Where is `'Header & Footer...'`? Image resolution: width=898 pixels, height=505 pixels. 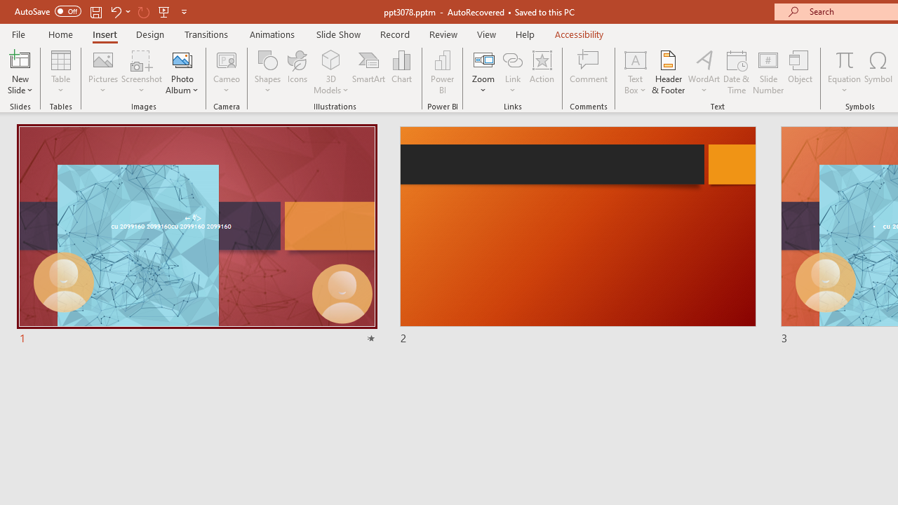
'Header & Footer...' is located at coordinates (667, 72).